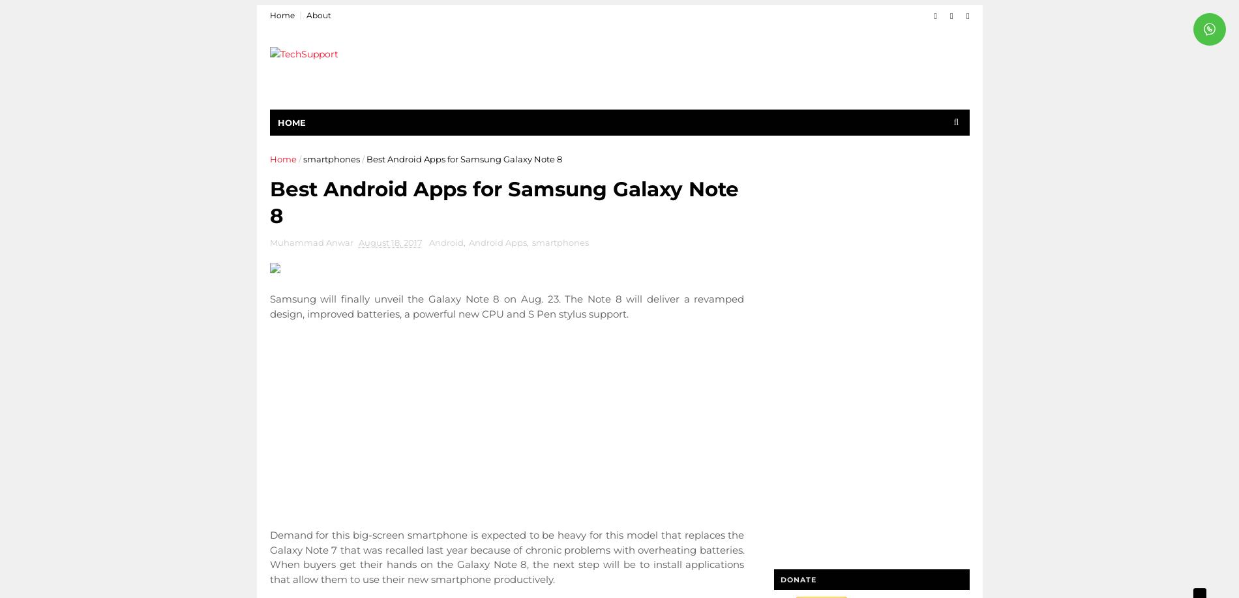  Describe the element at coordinates (311, 242) in the screenshot. I see `'Muhammad Anwar'` at that location.